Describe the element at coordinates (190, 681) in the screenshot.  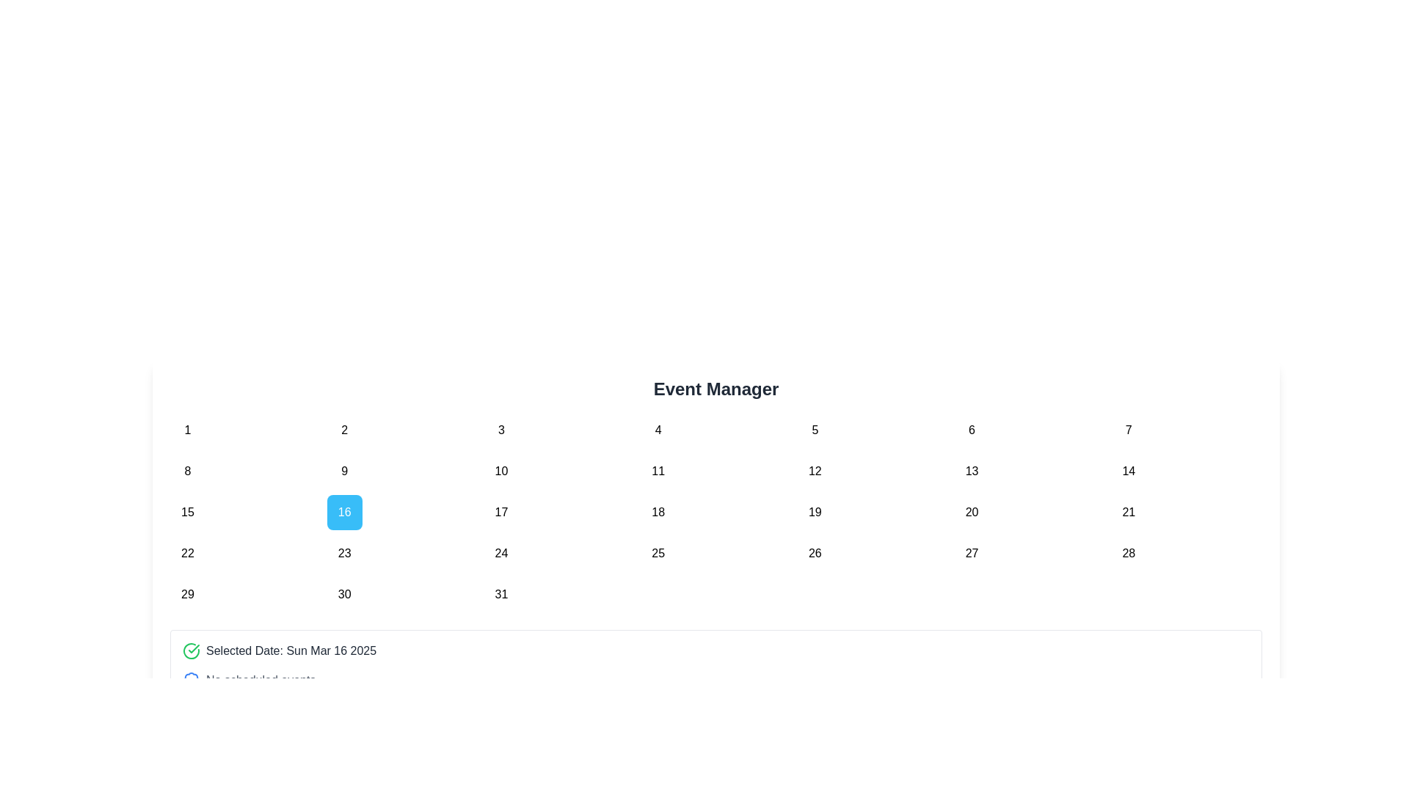
I see `the decorative SVG graphic icon located towards the bottom-left corner of the main area, beneath the date selection section and before textual details about a selected event` at that location.